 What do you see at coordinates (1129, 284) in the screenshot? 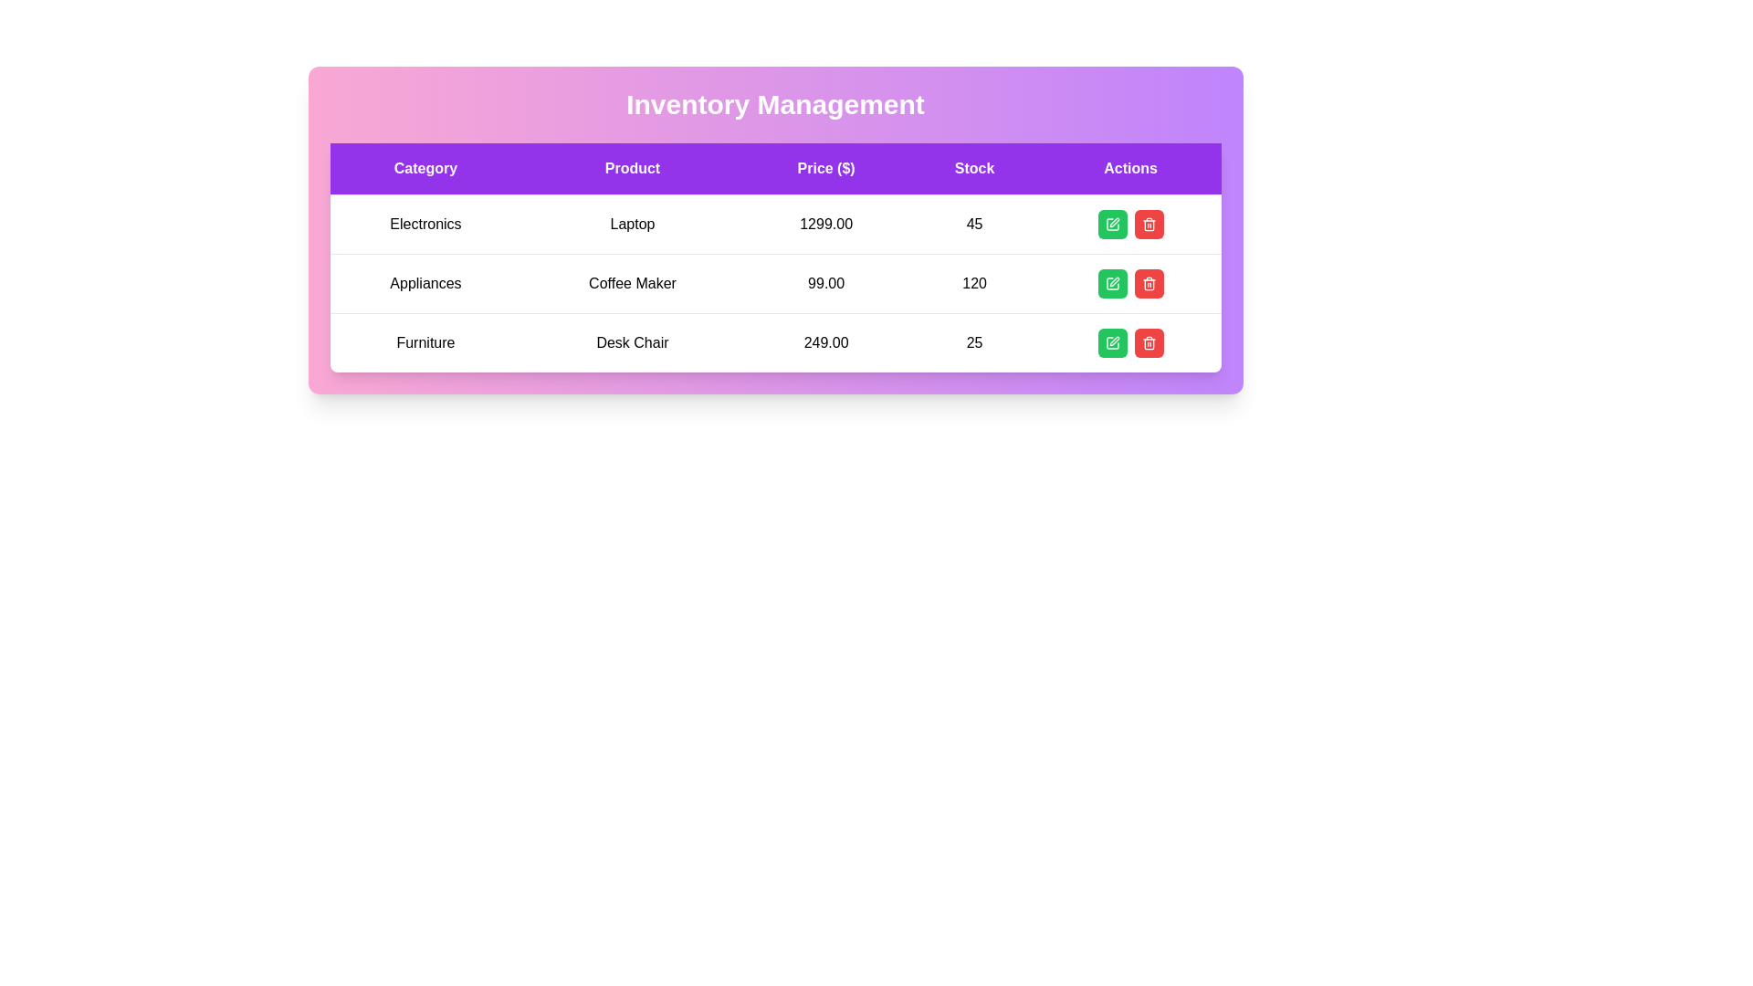
I see `the button in the 'Actions' column for the 'Coffee Maker' product` at bounding box center [1129, 284].